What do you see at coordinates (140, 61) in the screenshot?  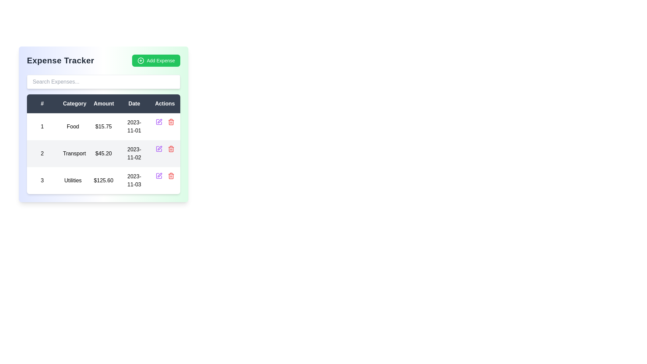 I see `the green 'Add Expense' button located in the top-right corner of the user interface` at bounding box center [140, 61].